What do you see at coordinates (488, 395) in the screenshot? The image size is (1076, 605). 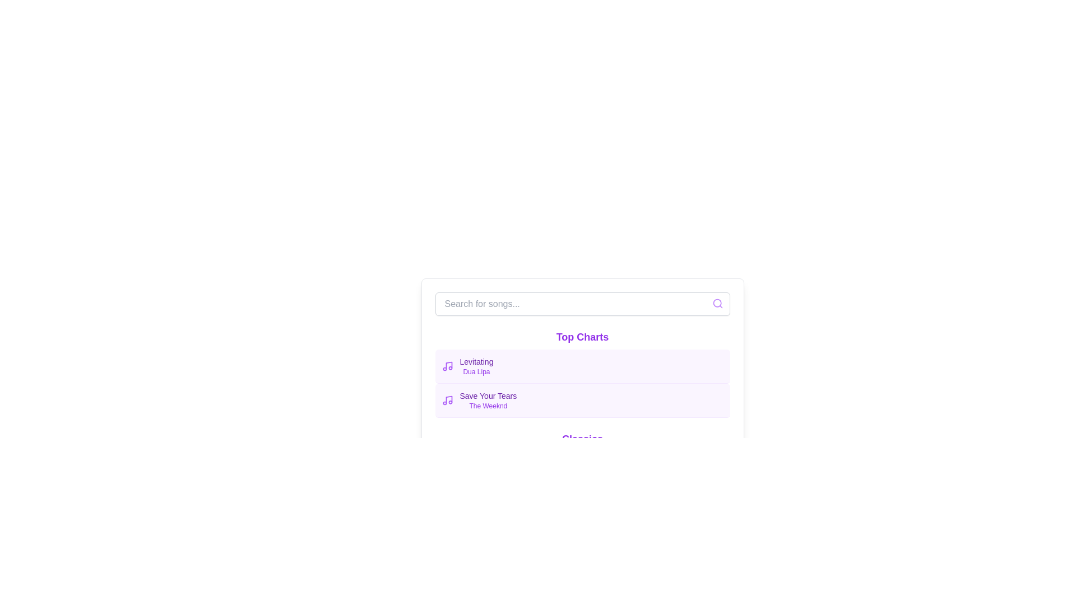 I see `the text label displaying the title 'Save Your Tears' in the 'Top Charts' section, which is the first line of the second item in the list` at bounding box center [488, 395].